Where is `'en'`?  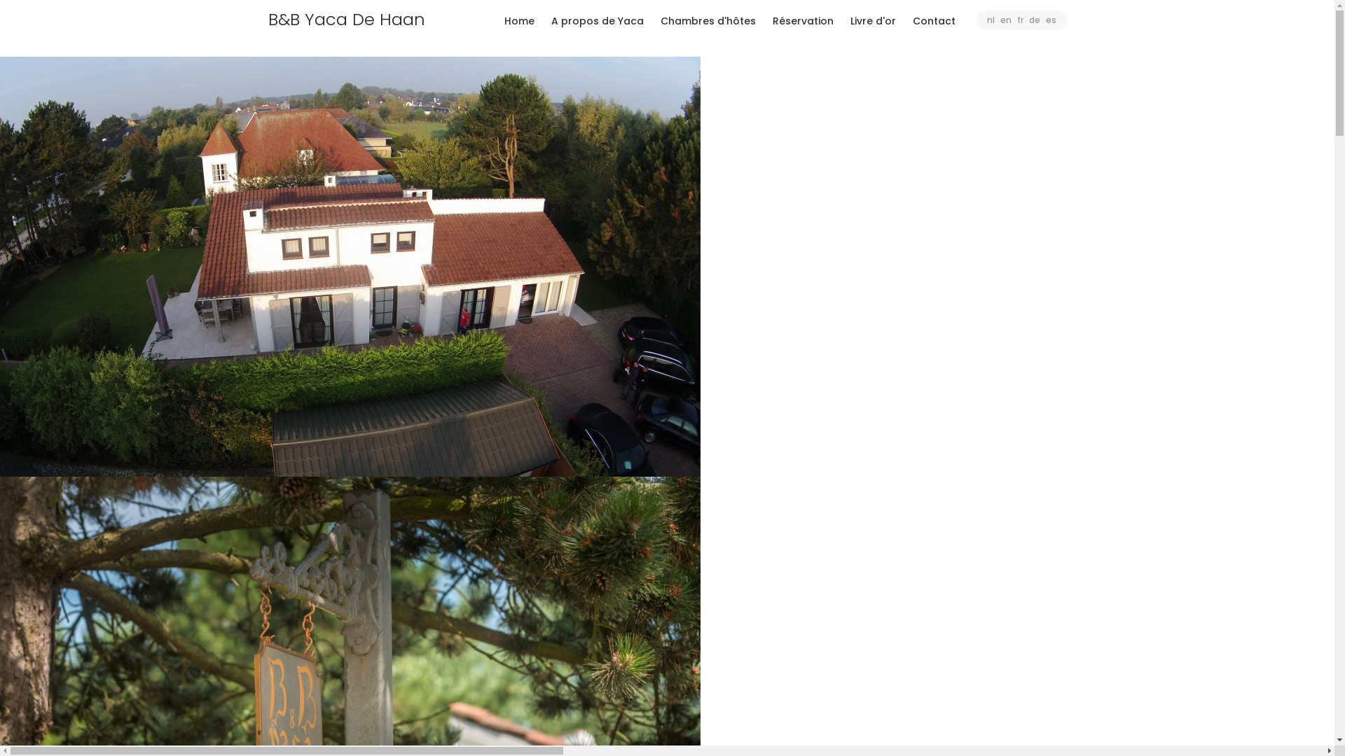
'en' is located at coordinates (1000, 20).